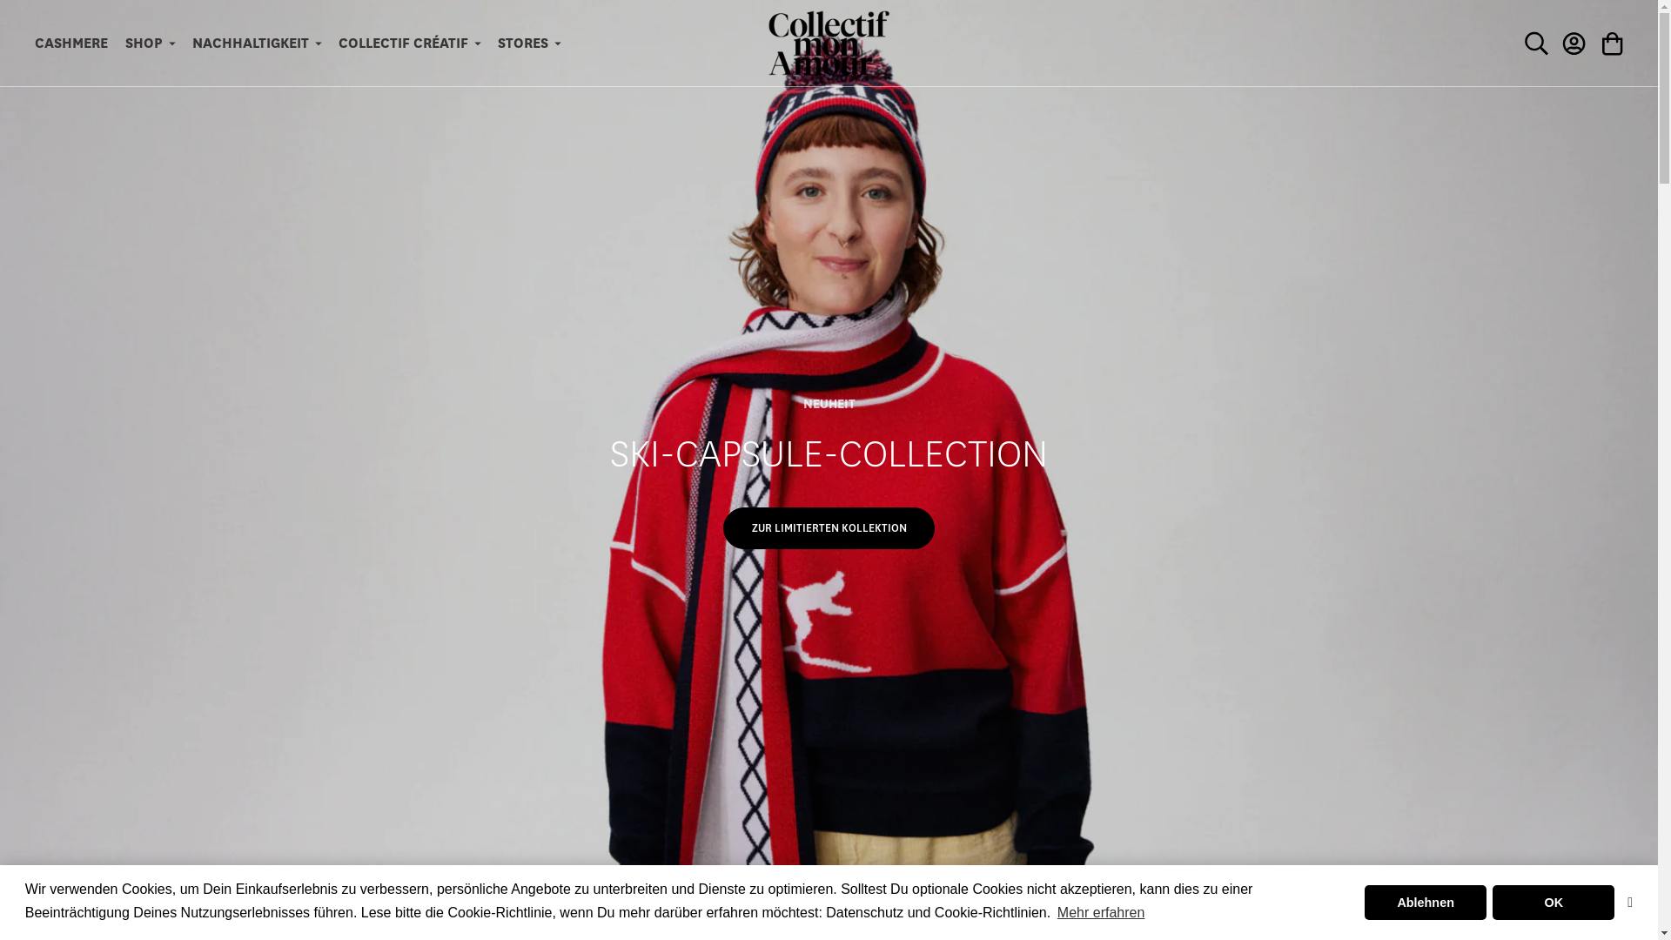 Image resolution: width=1671 pixels, height=940 pixels. I want to click on 'Ablehnen', so click(1425, 902).